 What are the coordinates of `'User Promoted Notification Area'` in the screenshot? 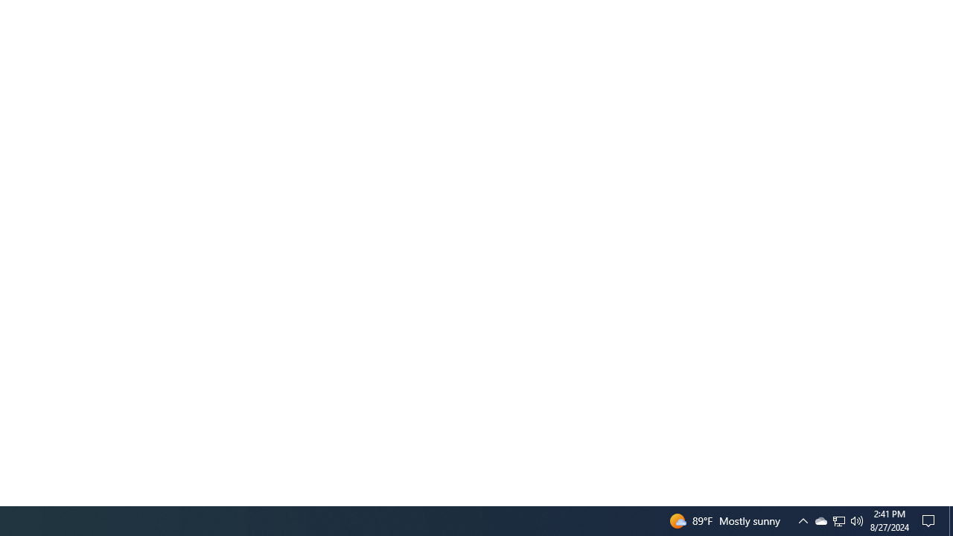 It's located at (839, 520).